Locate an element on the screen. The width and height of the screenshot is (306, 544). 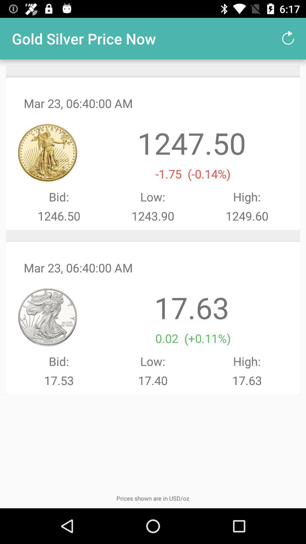
item to the right of the gold silver price item is located at coordinates (288, 38).